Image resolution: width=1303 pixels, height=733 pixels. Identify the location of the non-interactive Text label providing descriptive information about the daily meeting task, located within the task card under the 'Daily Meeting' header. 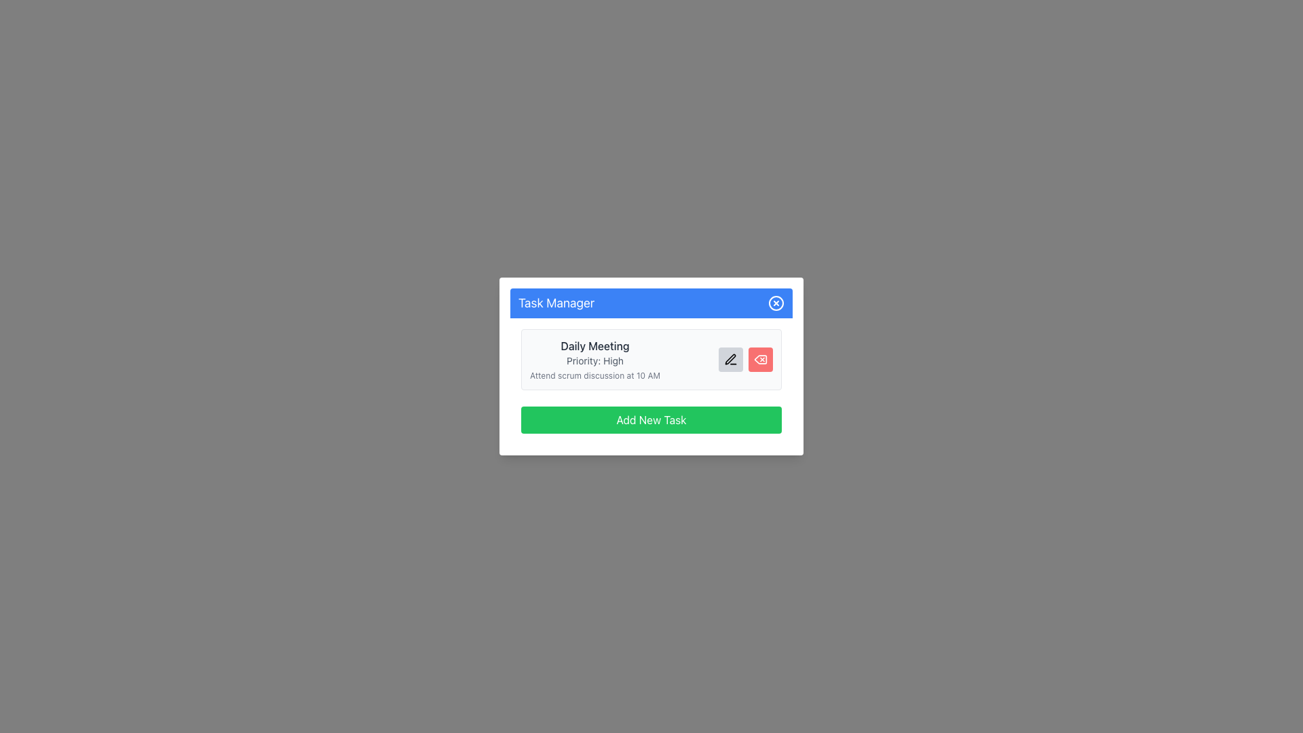
(595, 376).